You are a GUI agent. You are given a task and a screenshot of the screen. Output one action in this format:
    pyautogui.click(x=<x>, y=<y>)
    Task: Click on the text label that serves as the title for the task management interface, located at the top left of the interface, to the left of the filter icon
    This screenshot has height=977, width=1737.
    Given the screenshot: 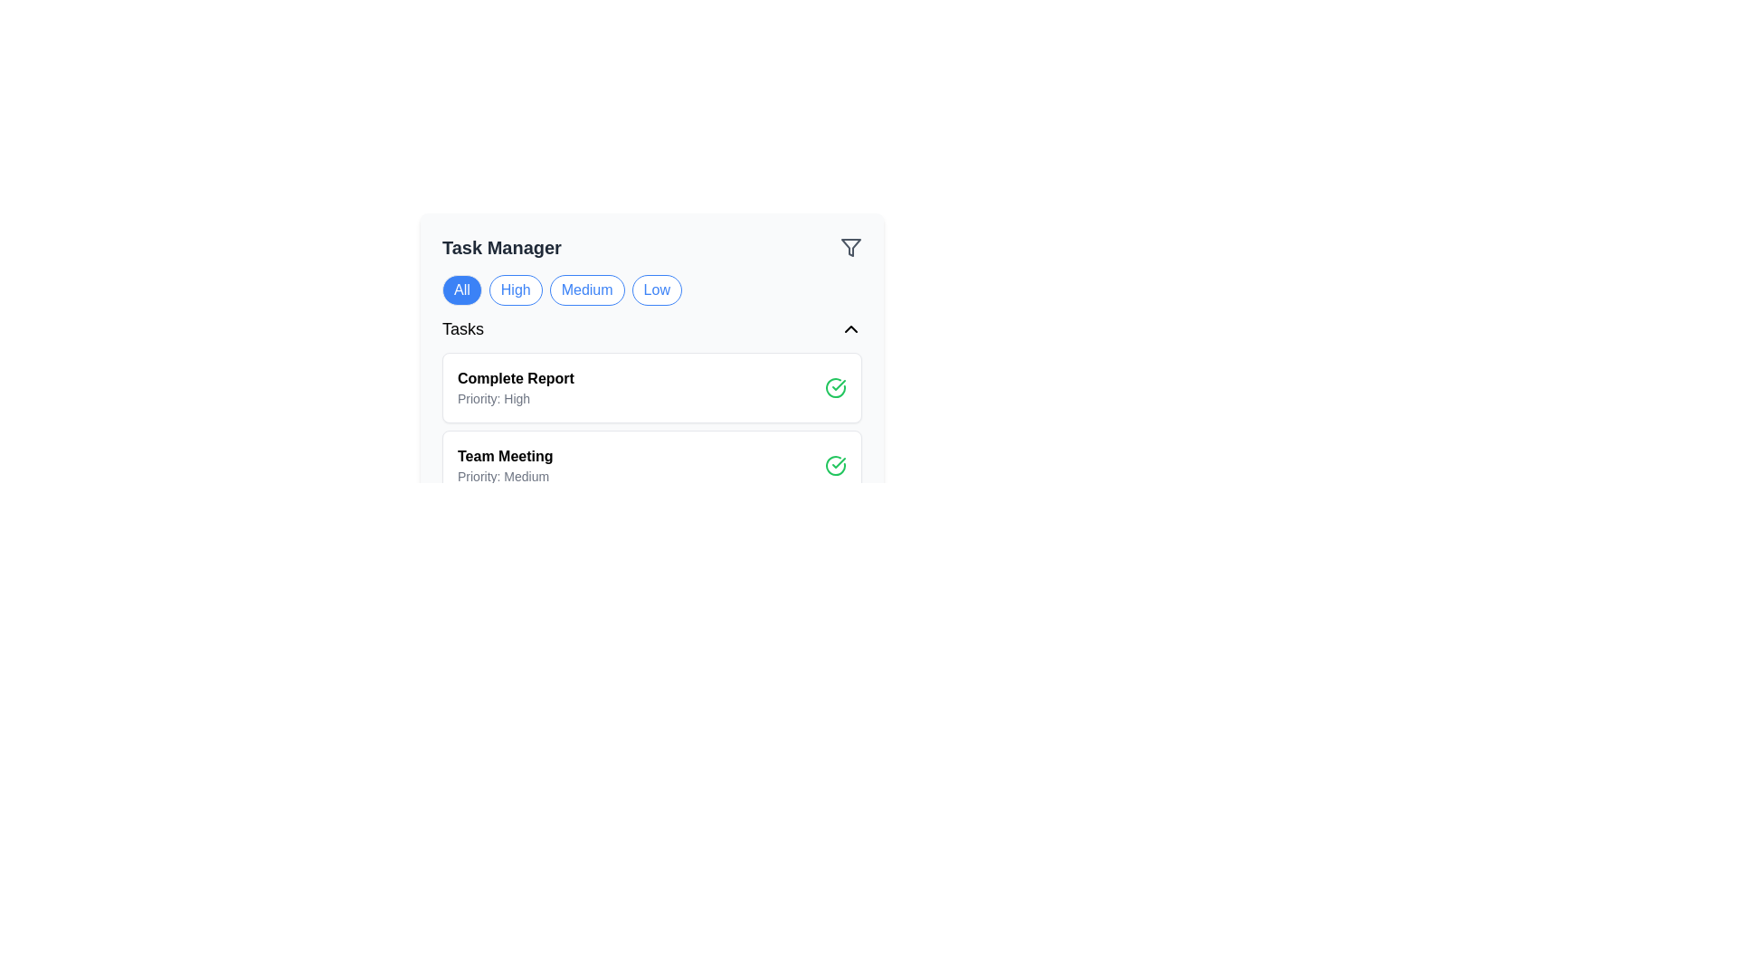 What is the action you would take?
    pyautogui.click(x=501, y=247)
    